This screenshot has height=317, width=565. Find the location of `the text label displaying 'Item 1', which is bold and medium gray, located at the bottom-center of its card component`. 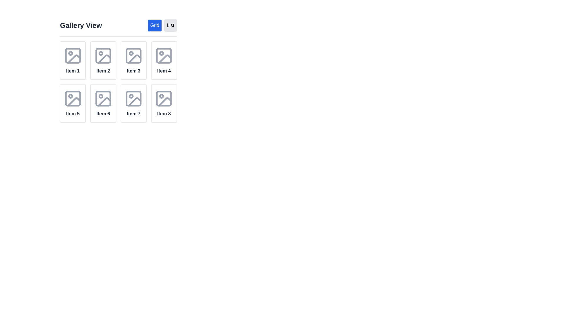

the text label displaying 'Item 1', which is bold and medium gray, located at the bottom-center of its card component is located at coordinates (72, 71).